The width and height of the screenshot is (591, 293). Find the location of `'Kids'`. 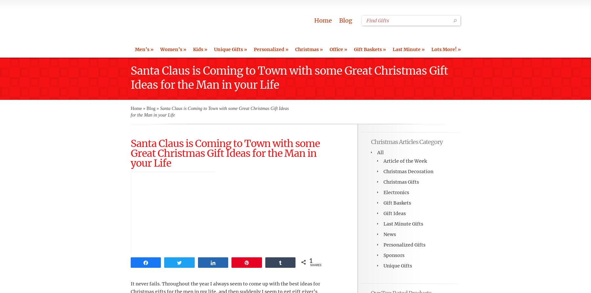

'Kids' is located at coordinates (198, 49).